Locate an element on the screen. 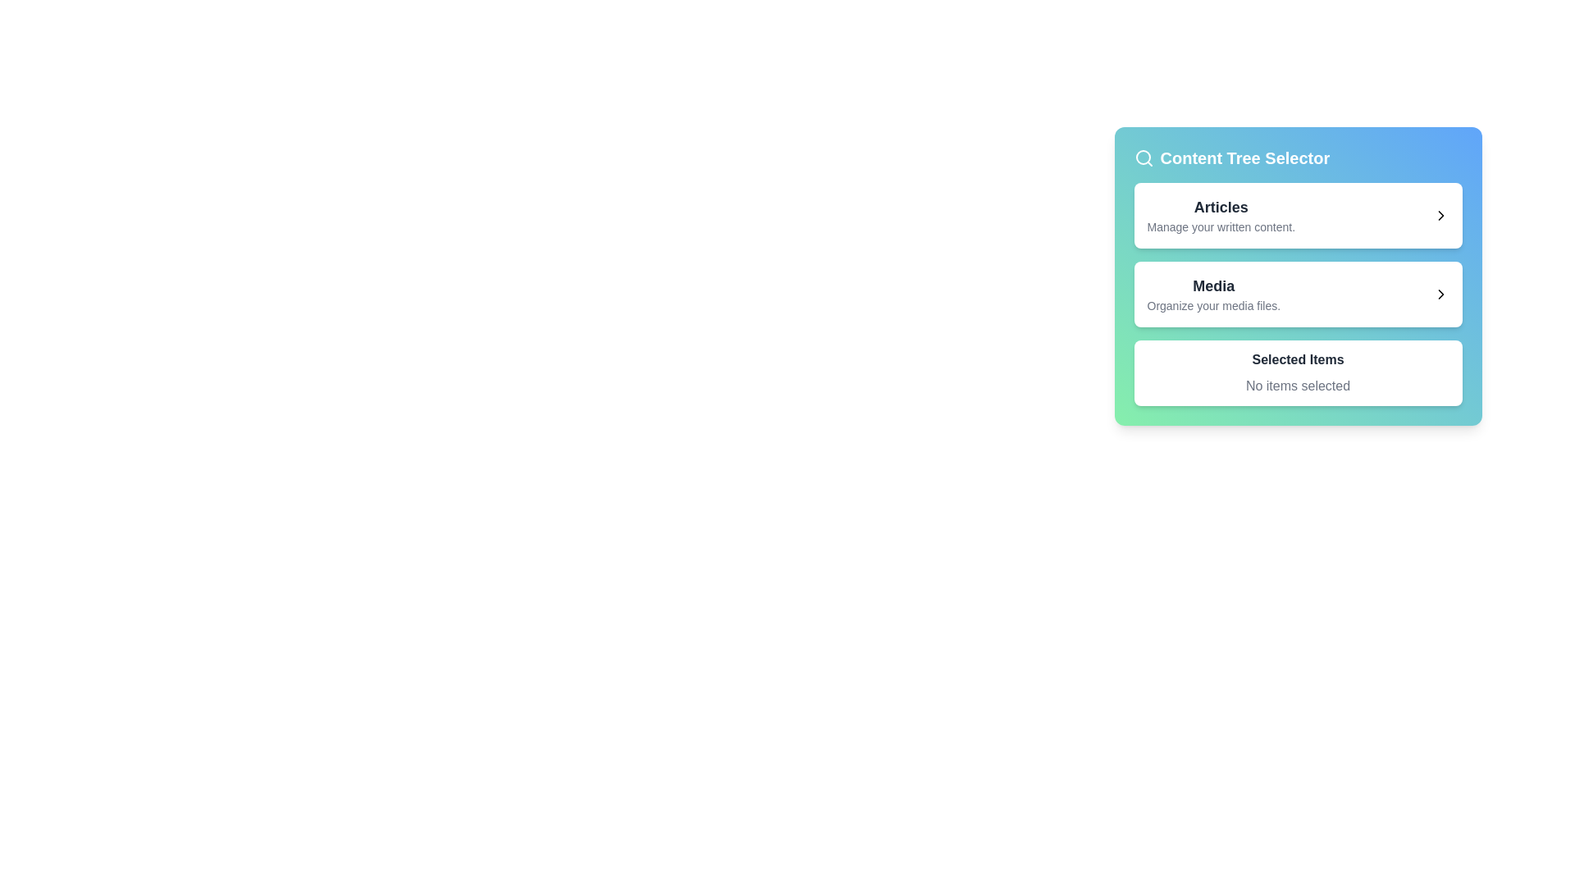  the bolded text caption 'Articles' which is the primary heading in the 'Content Tree Selector' panel is located at coordinates (1221, 207).